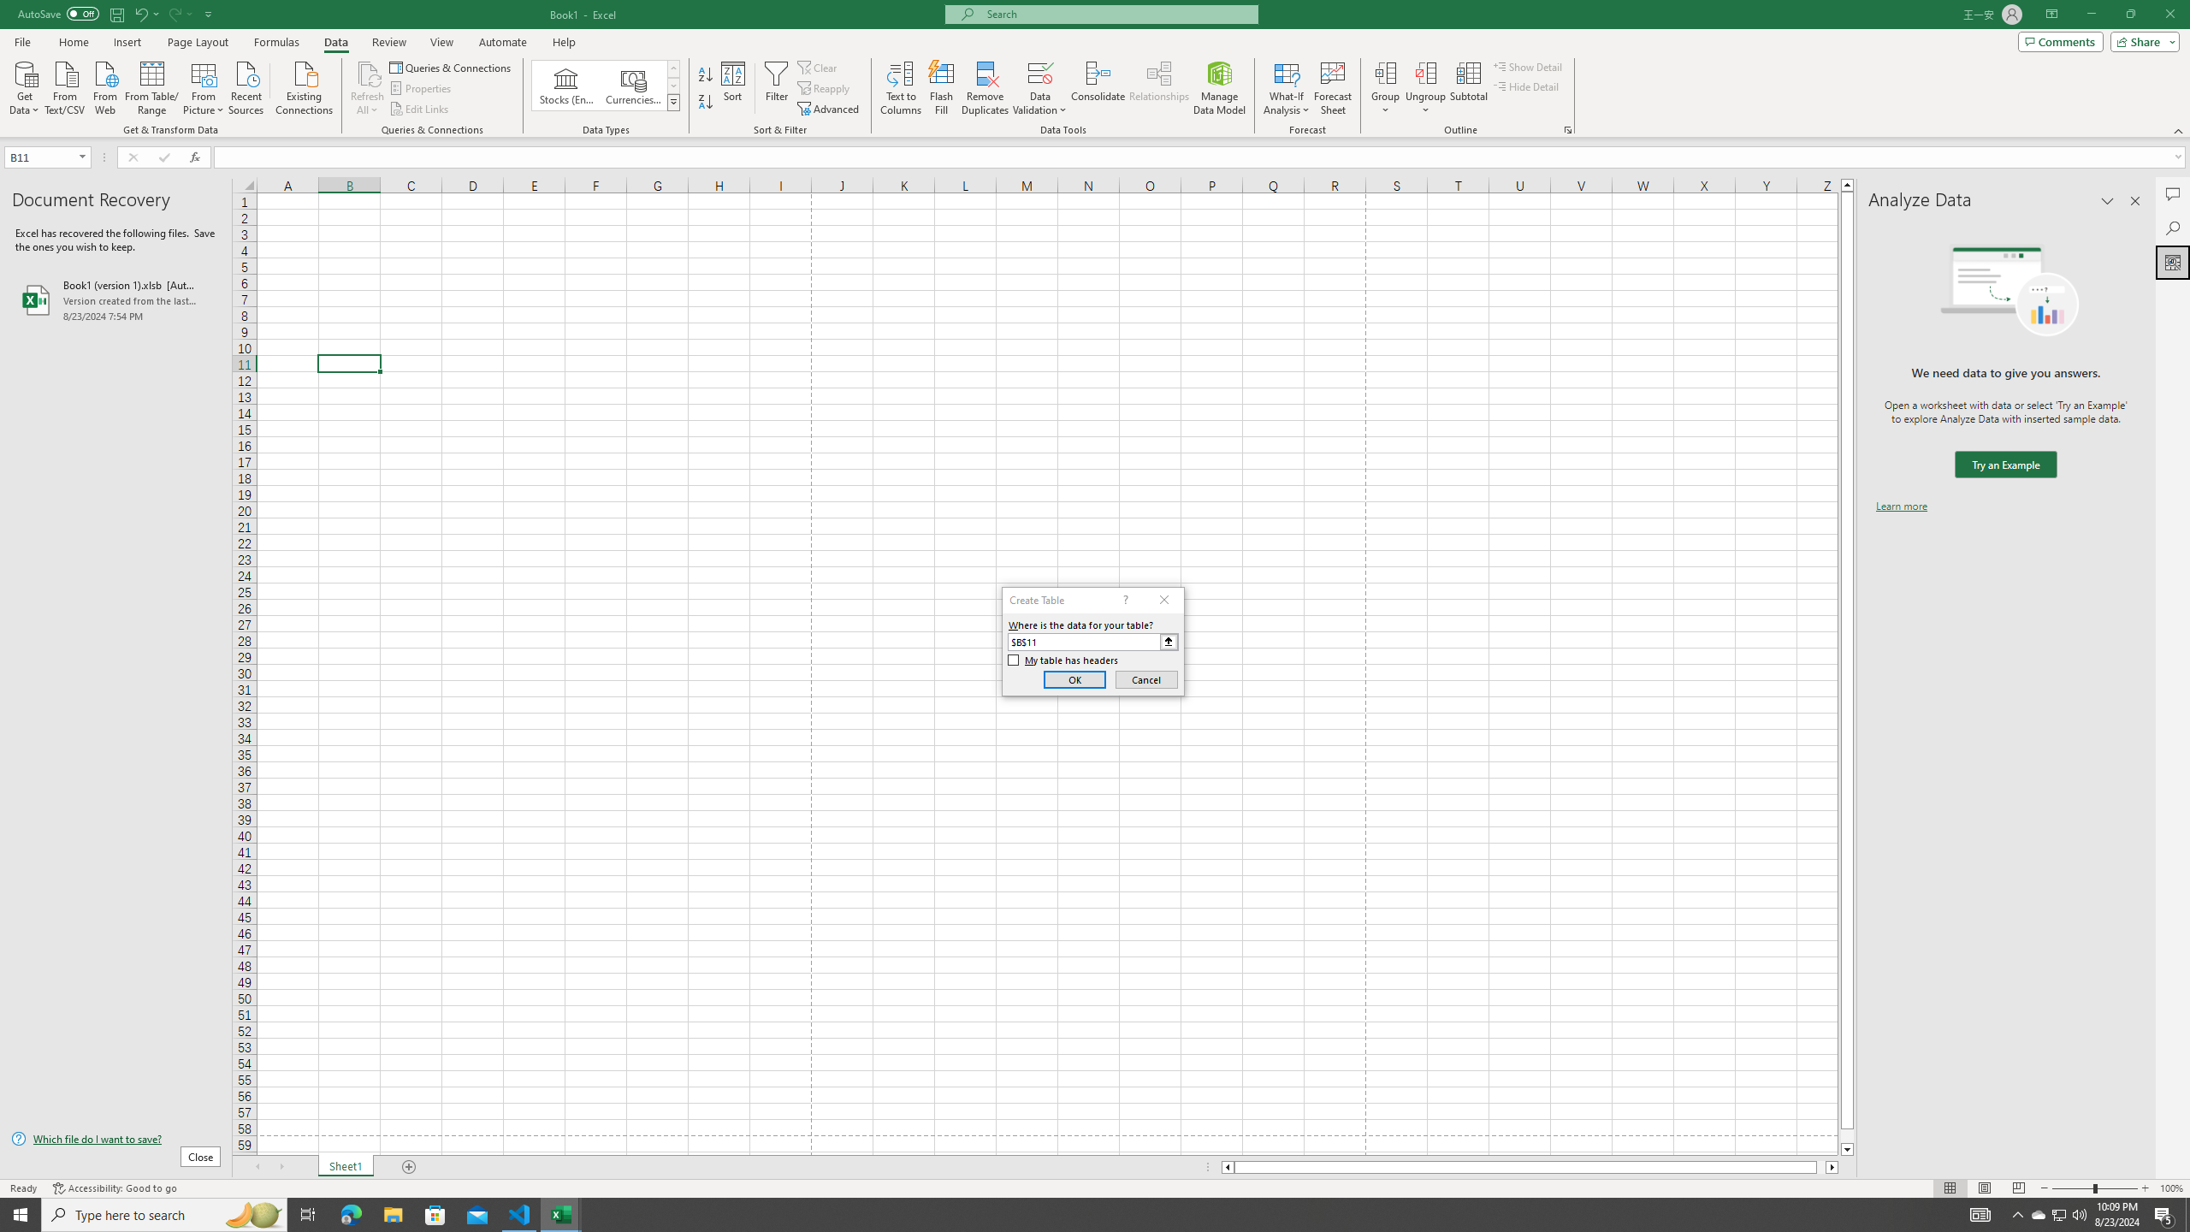 This screenshot has height=1232, width=2190. What do you see at coordinates (9, 8) in the screenshot?
I see `'System'` at bounding box center [9, 8].